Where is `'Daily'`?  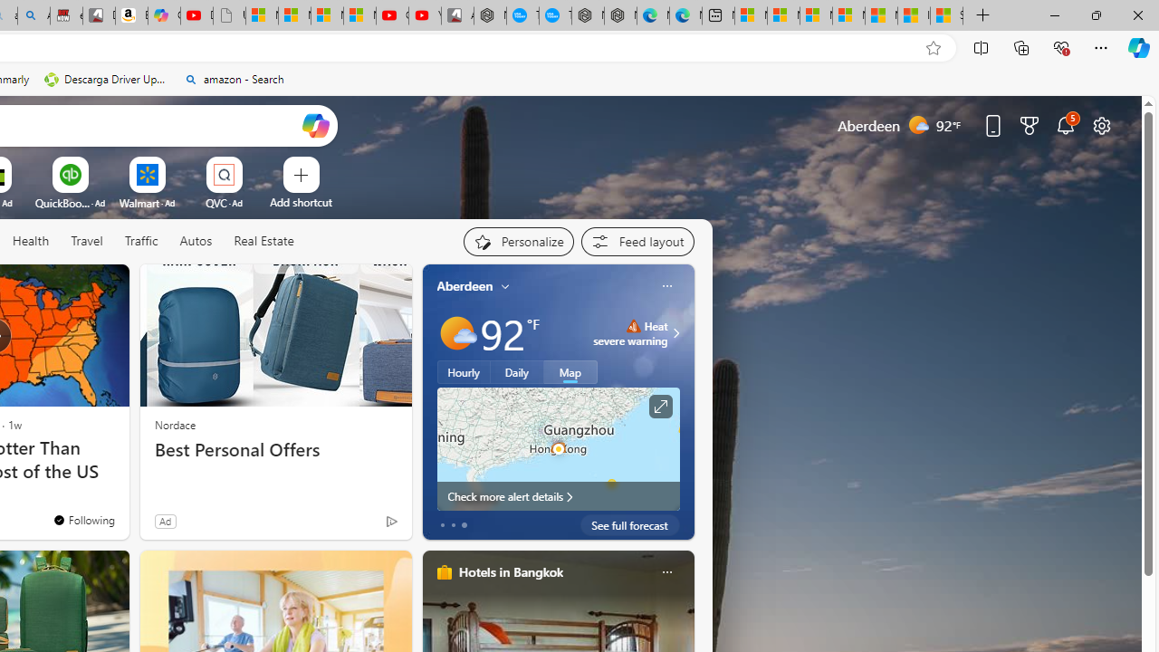
'Daily' is located at coordinates (516, 371).